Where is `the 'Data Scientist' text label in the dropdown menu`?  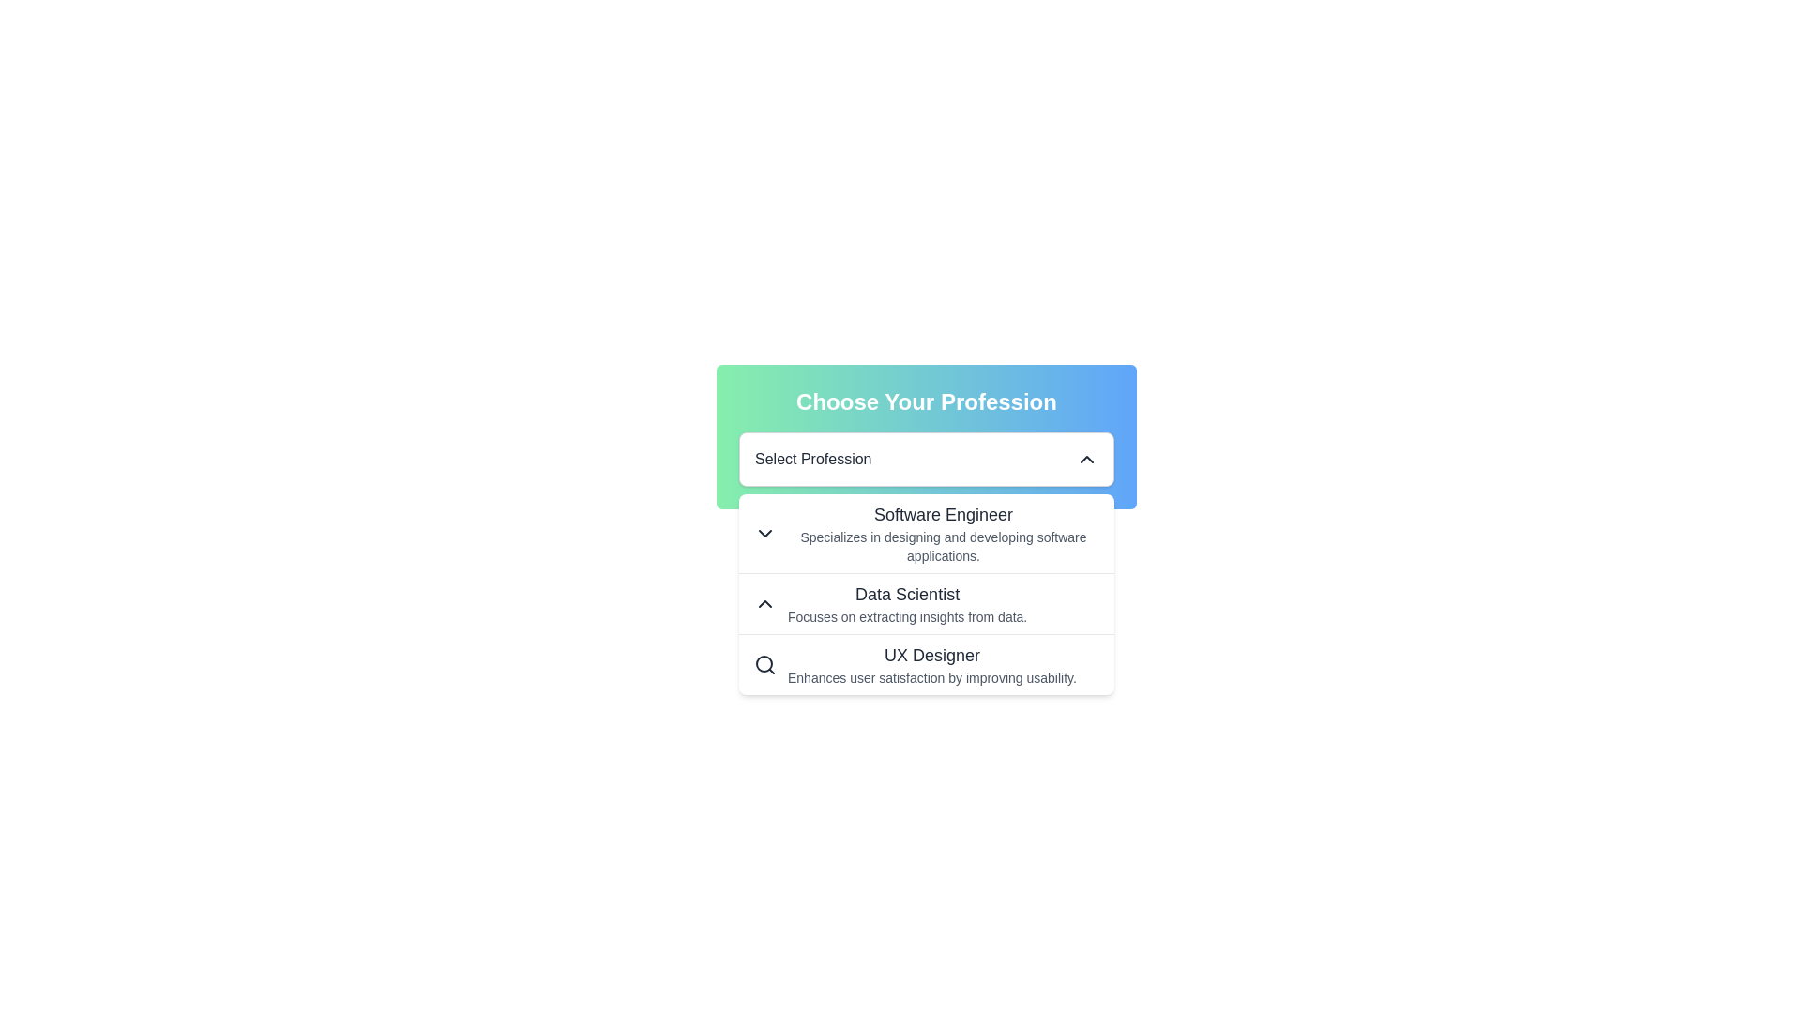
the 'Data Scientist' text label in the dropdown menu is located at coordinates (907, 594).